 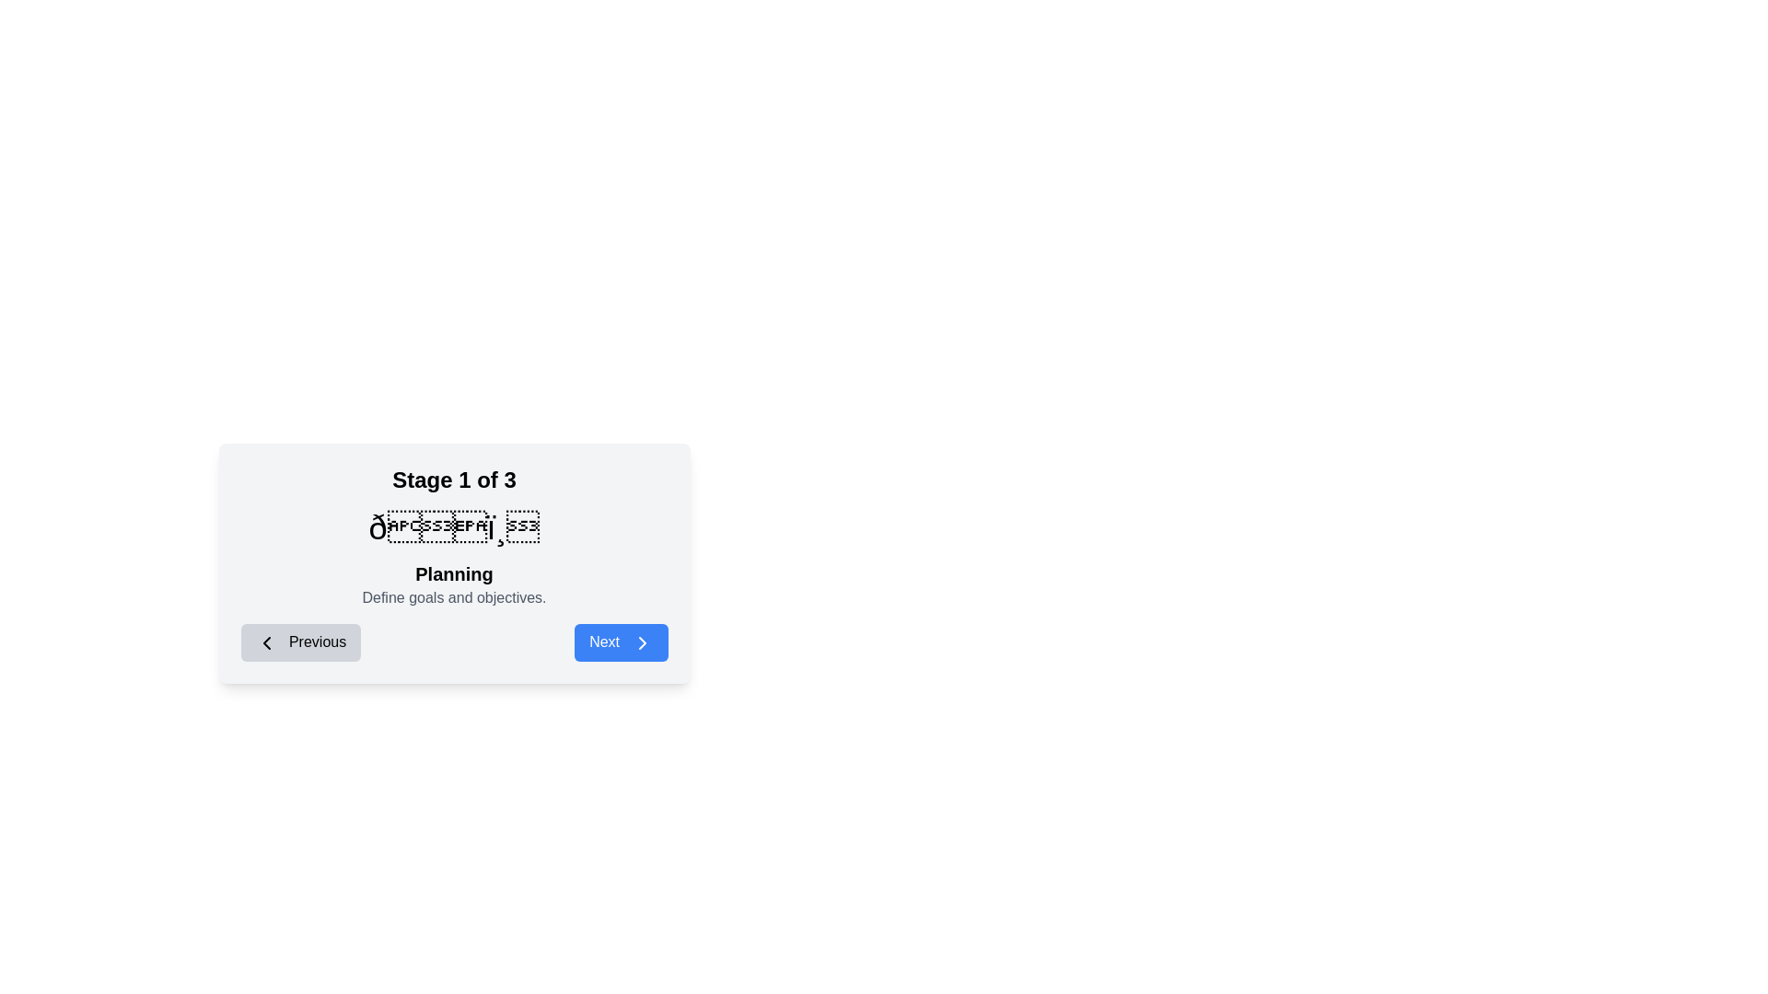 What do you see at coordinates (300, 641) in the screenshot?
I see `the 'Previous' button to navigate to the previous stage` at bounding box center [300, 641].